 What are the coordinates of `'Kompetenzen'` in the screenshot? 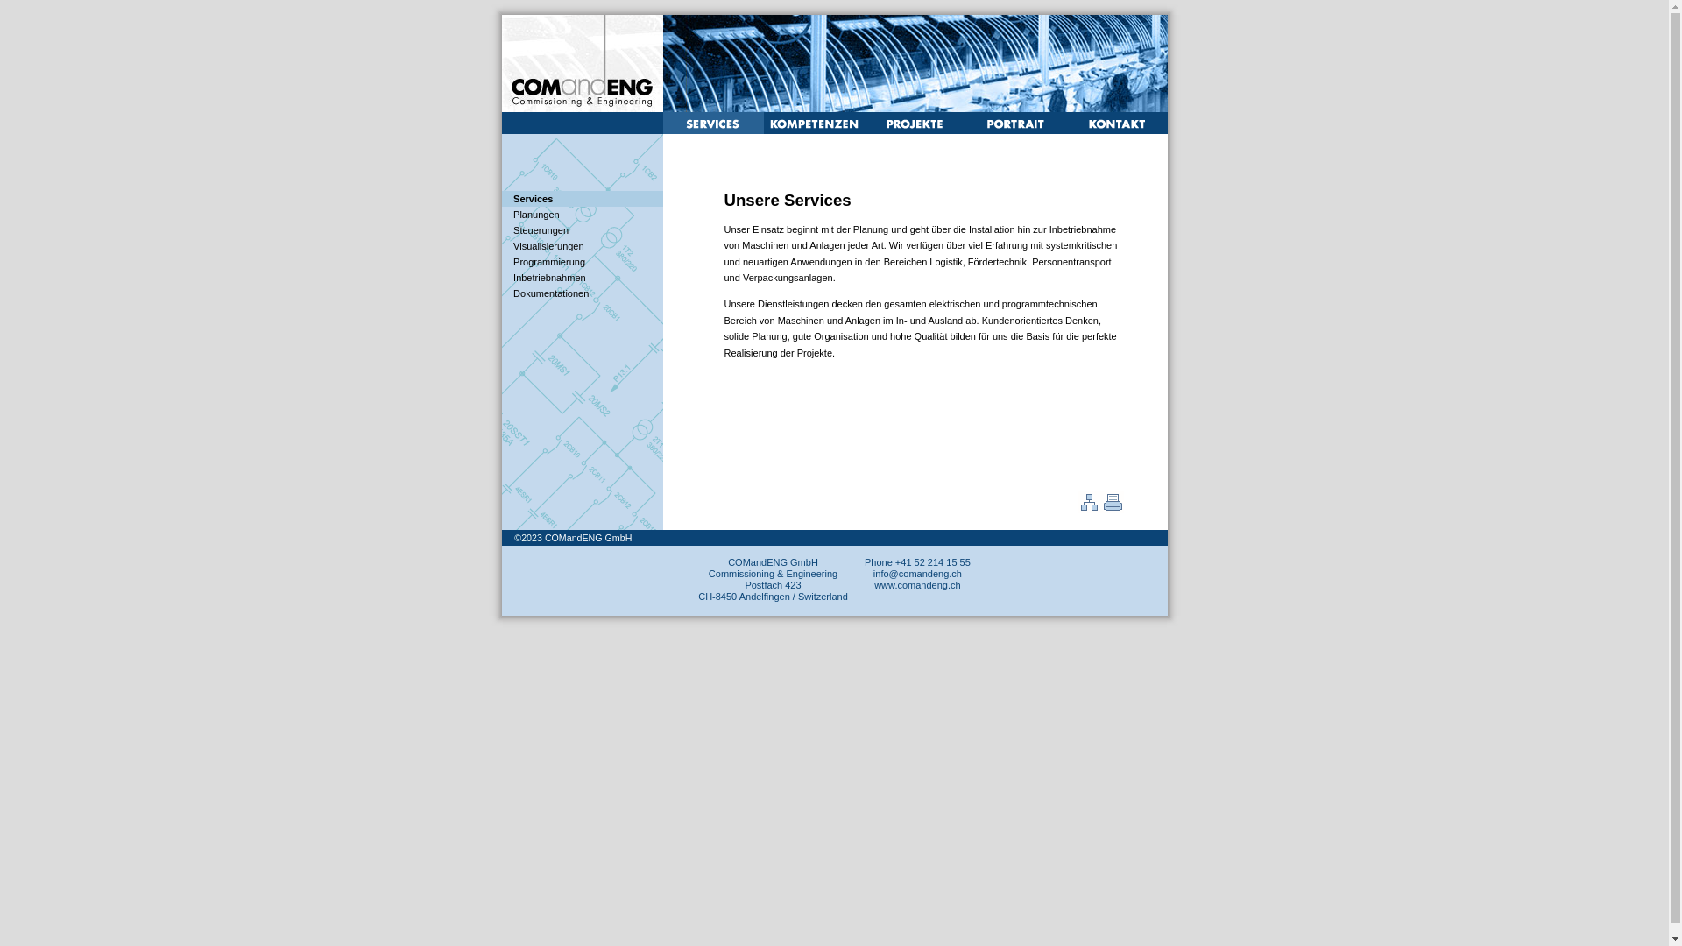 It's located at (813, 130).